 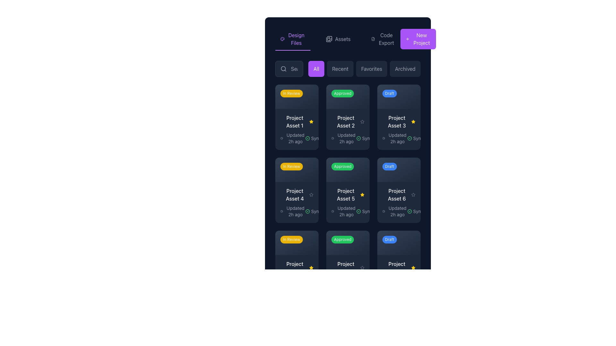 What do you see at coordinates (386, 39) in the screenshot?
I see `the text label displaying 'Code Export'` at bounding box center [386, 39].